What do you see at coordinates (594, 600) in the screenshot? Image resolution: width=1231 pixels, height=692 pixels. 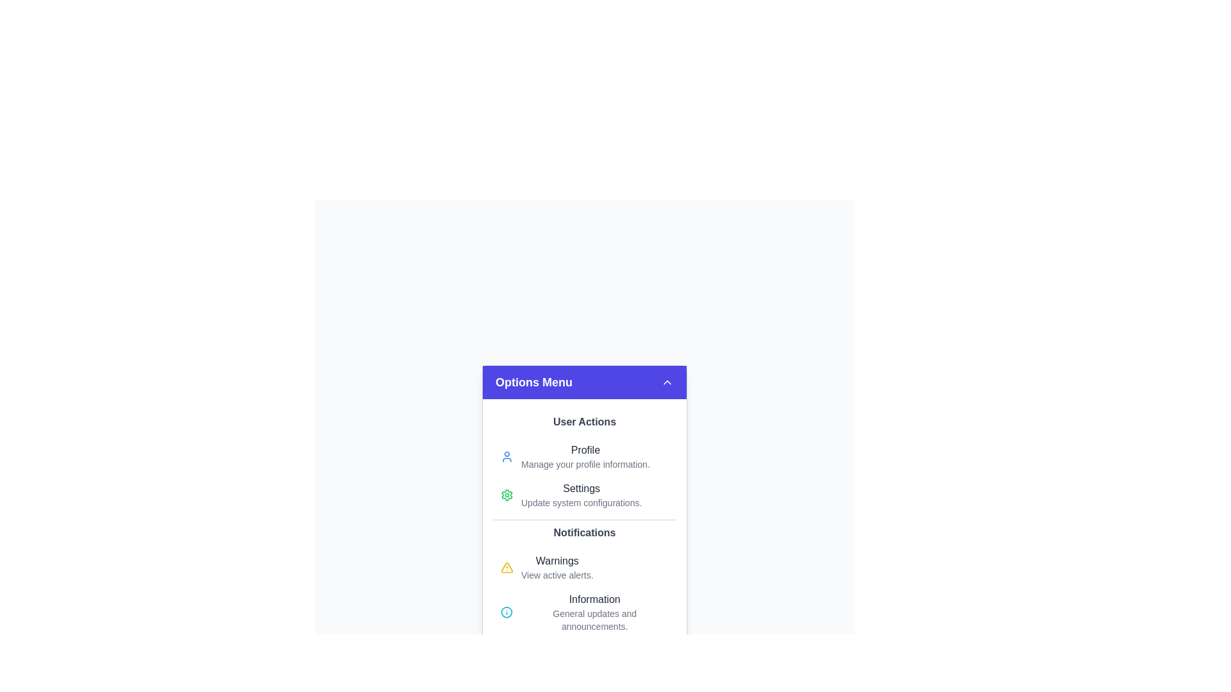 I see `the Text Label that serves as the title for the description below it, positioned within the 'Notifications' group` at bounding box center [594, 600].